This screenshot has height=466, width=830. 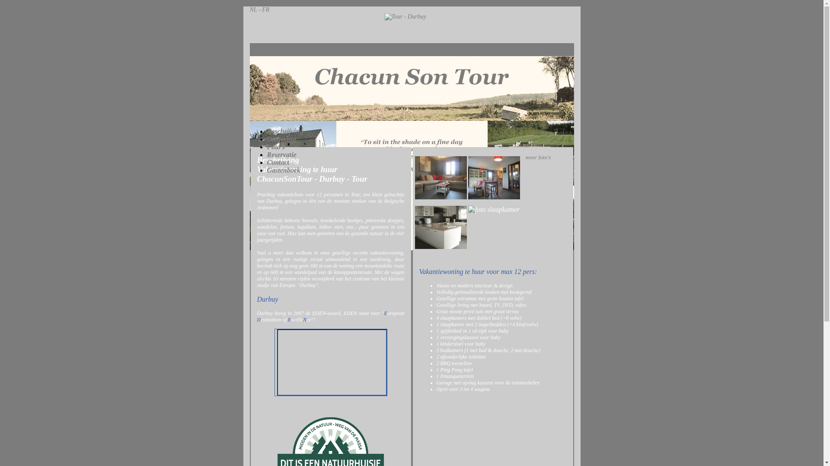 What do you see at coordinates (285, 131) in the screenshot?
I see `'Beschrijving'` at bounding box center [285, 131].